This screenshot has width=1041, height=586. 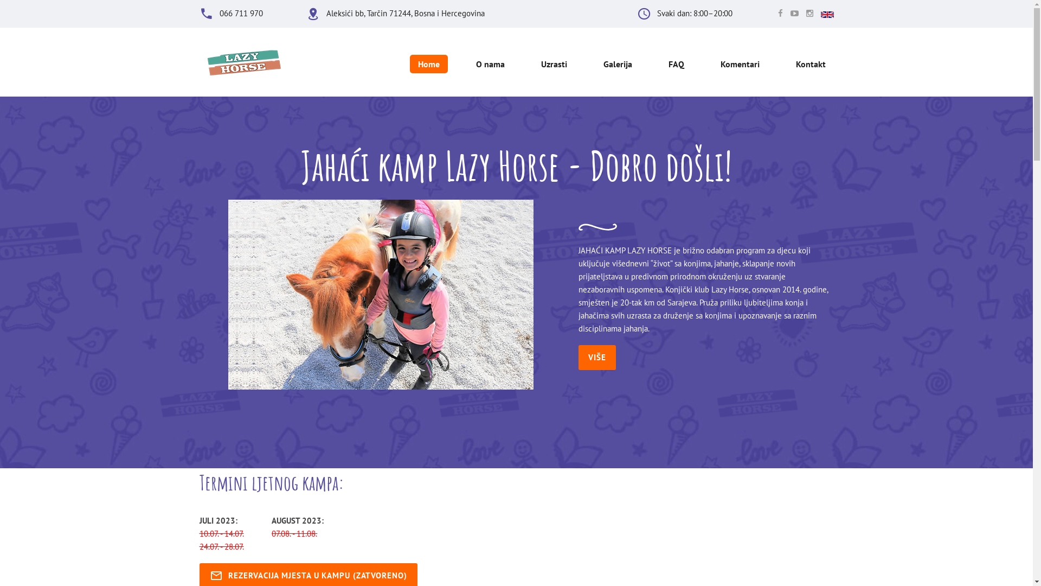 What do you see at coordinates (240, 13) in the screenshot?
I see `'066 711 970'` at bounding box center [240, 13].